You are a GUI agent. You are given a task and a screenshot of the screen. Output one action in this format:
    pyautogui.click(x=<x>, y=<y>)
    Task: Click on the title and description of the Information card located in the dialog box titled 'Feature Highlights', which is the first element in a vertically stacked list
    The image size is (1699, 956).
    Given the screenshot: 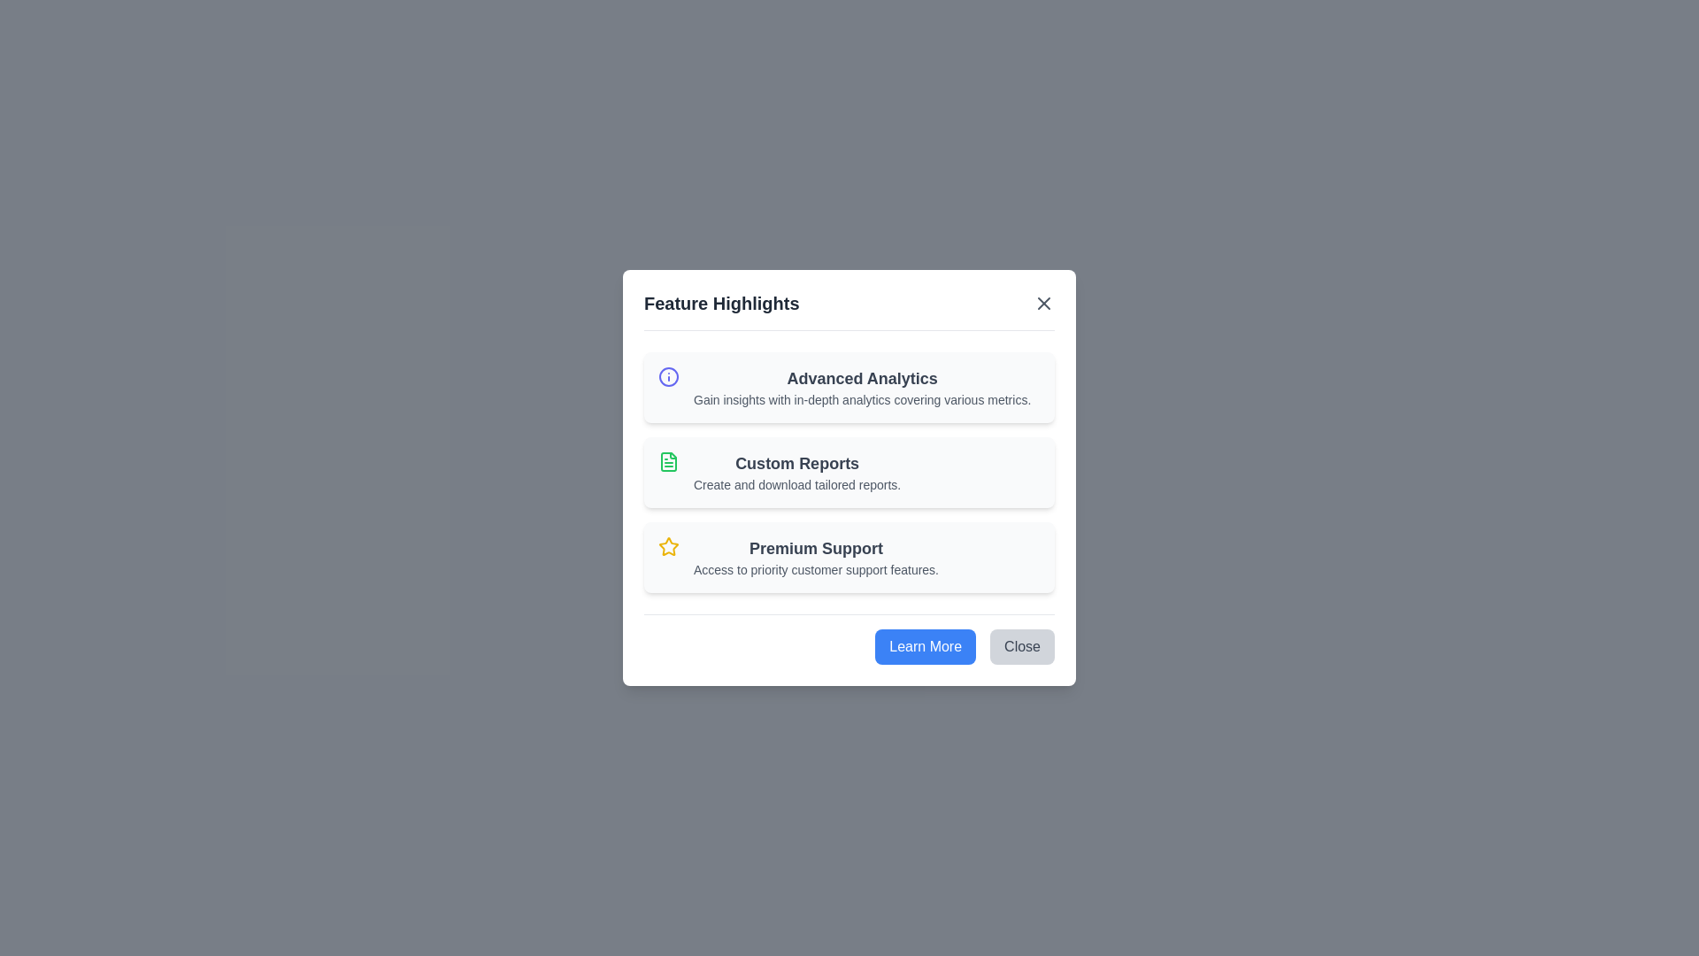 What is the action you would take?
    pyautogui.click(x=862, y=387)
    